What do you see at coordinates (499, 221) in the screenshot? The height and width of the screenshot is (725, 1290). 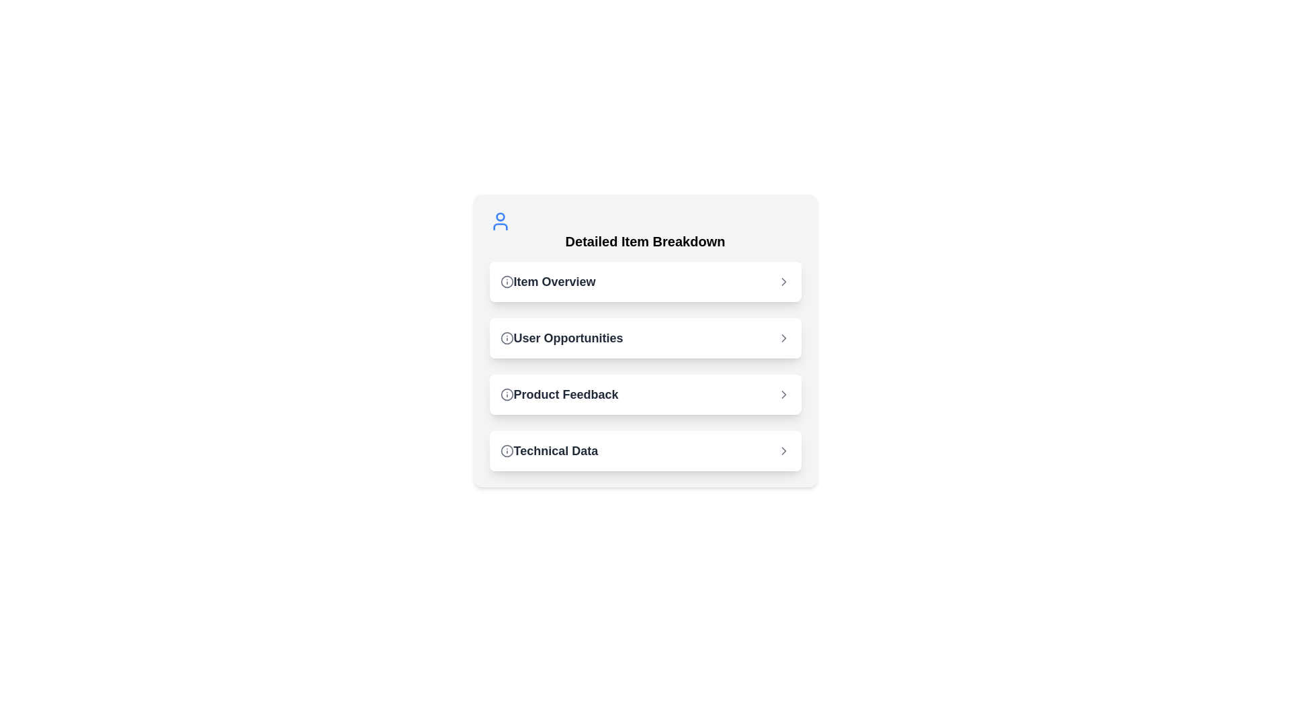 I see `the user icon located at the top-left corner of the 'Detailed Item Breakdown' box, which serves as a representation for user-related information or settings` at bounding box center [499, 221].